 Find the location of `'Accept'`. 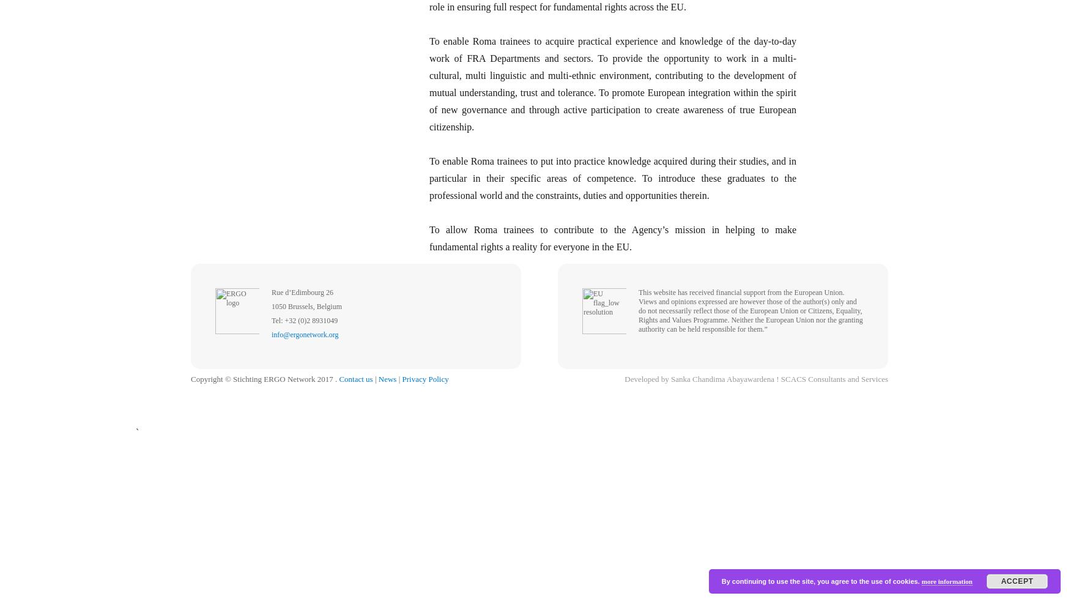

'Accept' is located at coordinates (1000, 581).